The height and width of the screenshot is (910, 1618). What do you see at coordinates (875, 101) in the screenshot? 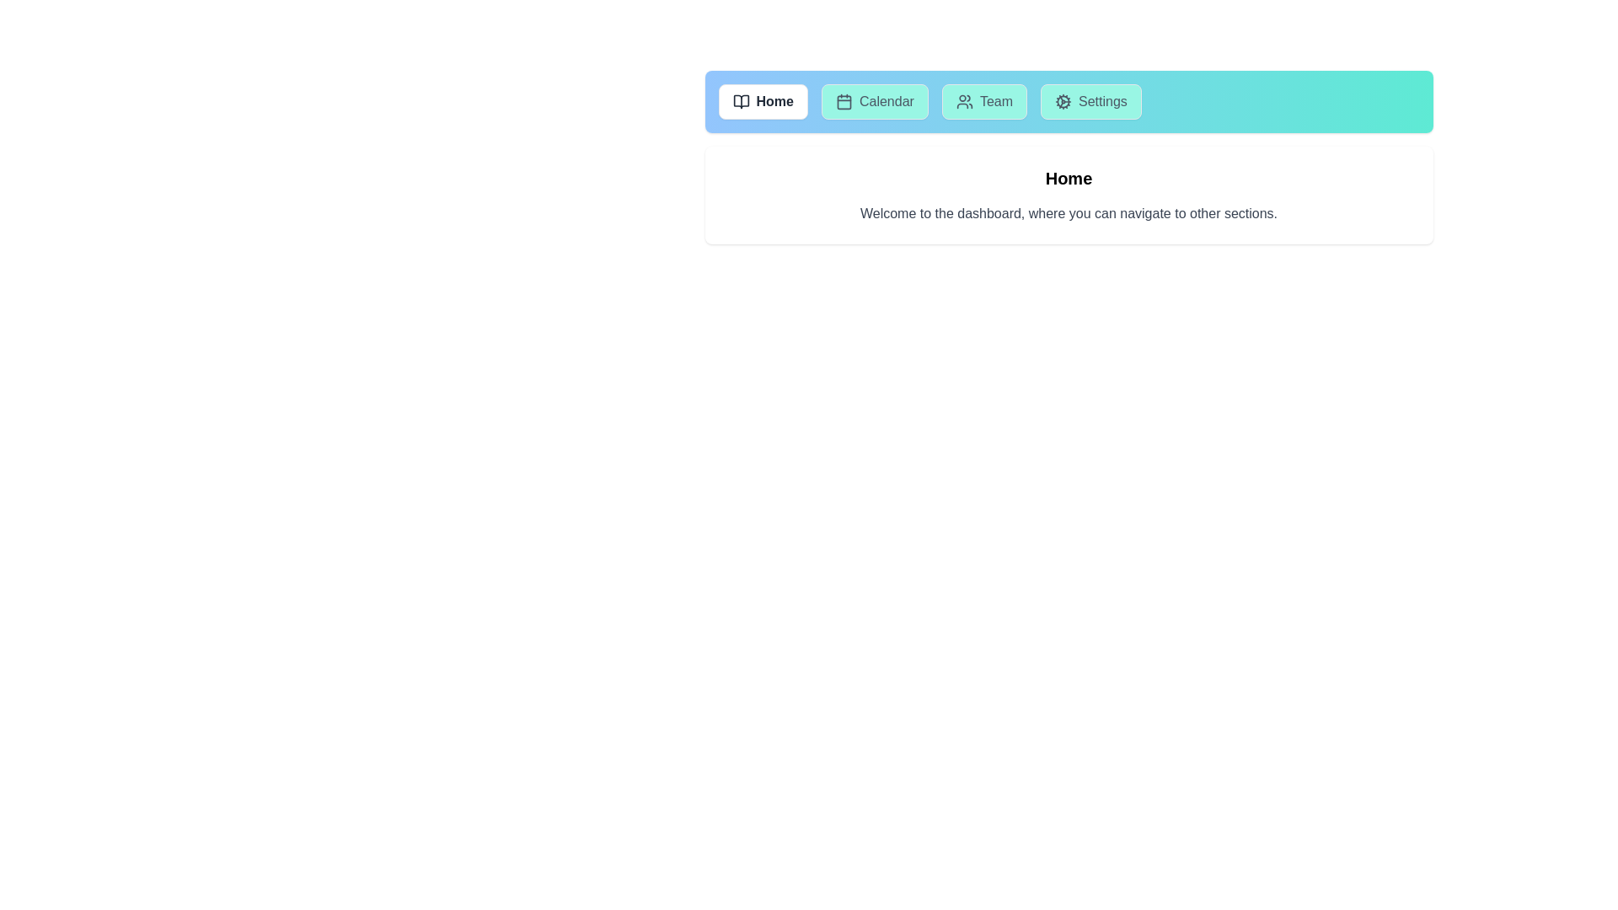
I see `the tab labeled Calendar to observe its hover effect` at bounding box center [875, 101].